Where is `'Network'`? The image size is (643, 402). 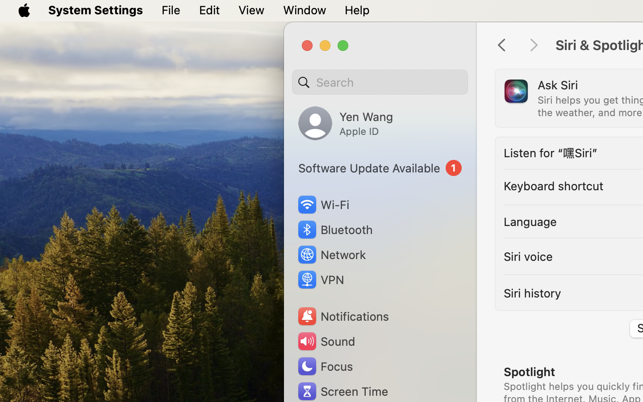 'Network' is located at coordinates (331, 254).